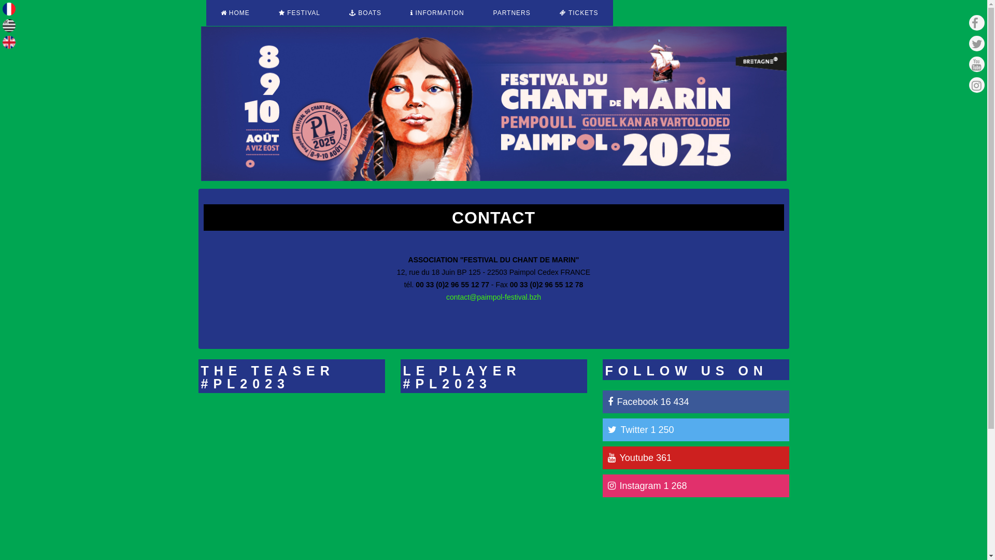 This screenshot has width=995, height=560. I want to click on 'contact@paimpol-festival.bzh', so click(493, 297).